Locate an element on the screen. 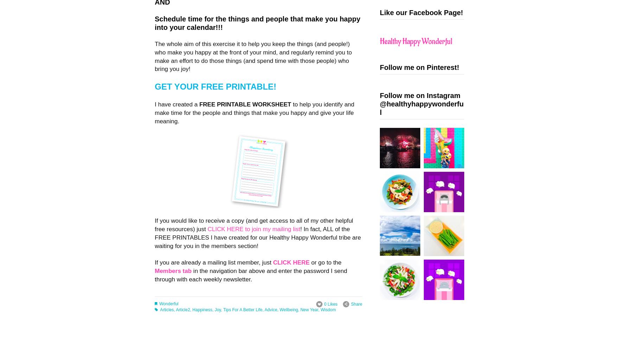 This screenshot has width=619, height=339. 'Joy' is located at coordinates (217, 309).